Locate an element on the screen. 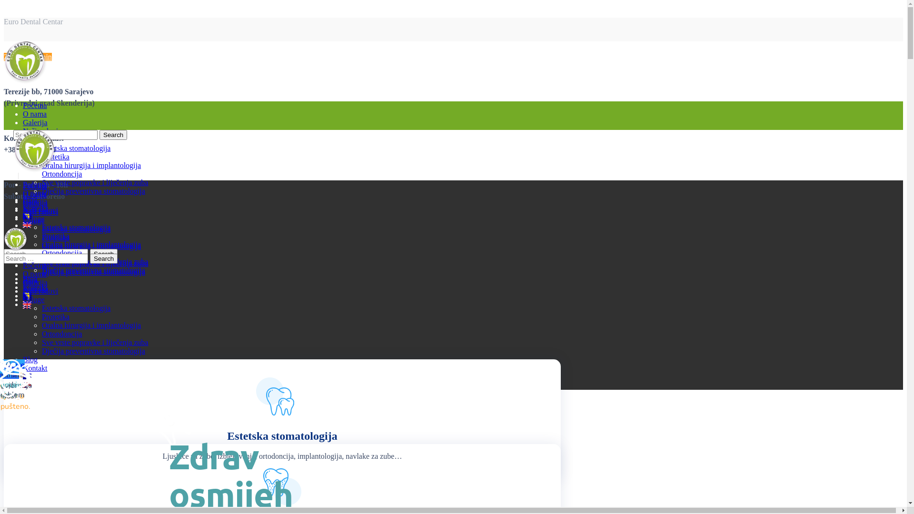  'Kontakt' is located at coordinates (35, 367).